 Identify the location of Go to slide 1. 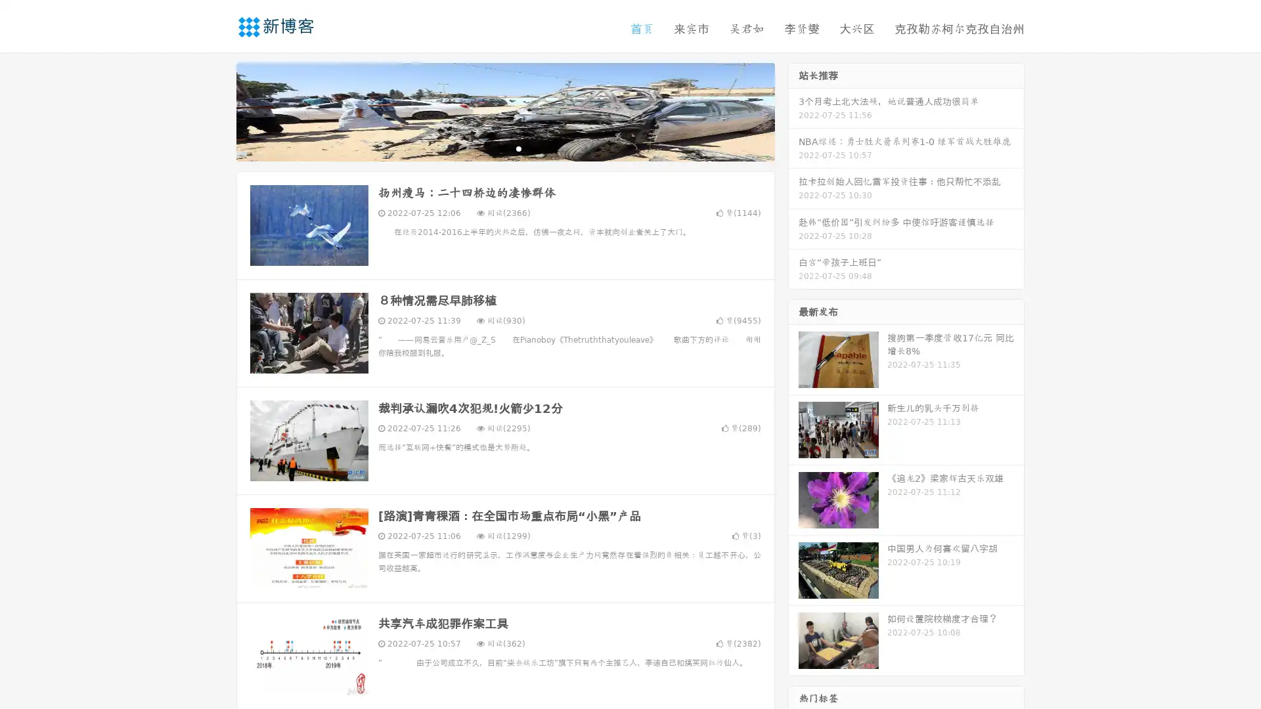
(491, 148).